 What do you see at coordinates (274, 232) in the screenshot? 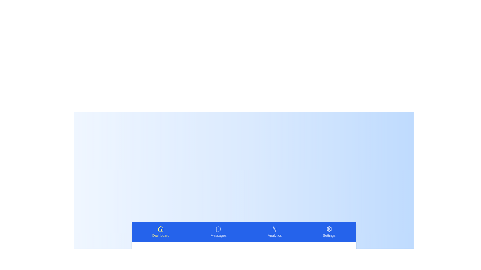
I see `the tab labeled Analytics to select it` at bounding box center [274, 232].